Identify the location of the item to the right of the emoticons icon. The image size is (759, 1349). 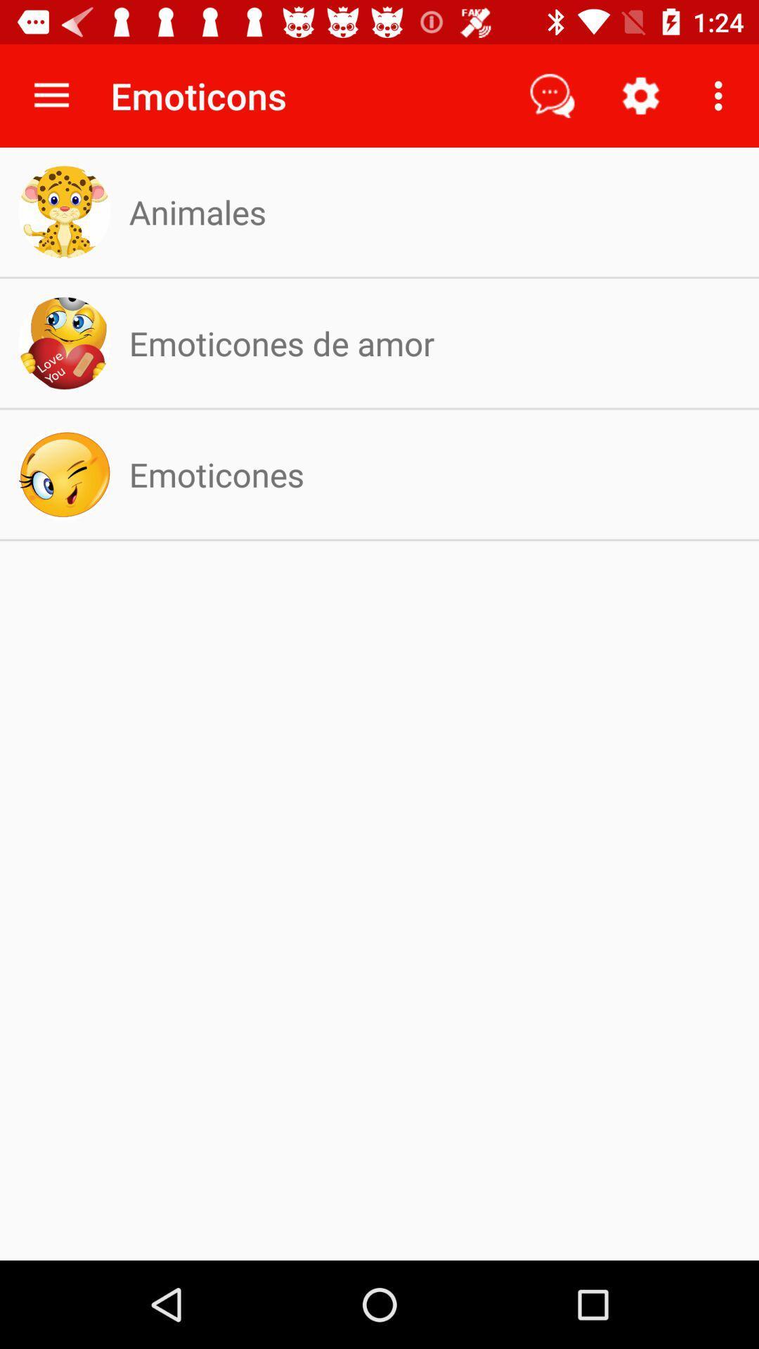
(552, 95).